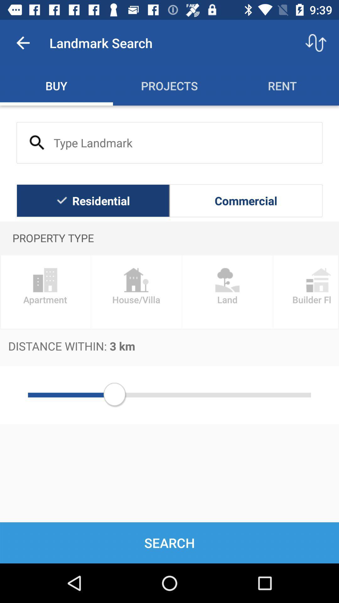 This screenshot has height=603, width=339. Describe the element at coordinates (316, 42) in the screenshot. I see `the app to the right of landmark search` at that location.